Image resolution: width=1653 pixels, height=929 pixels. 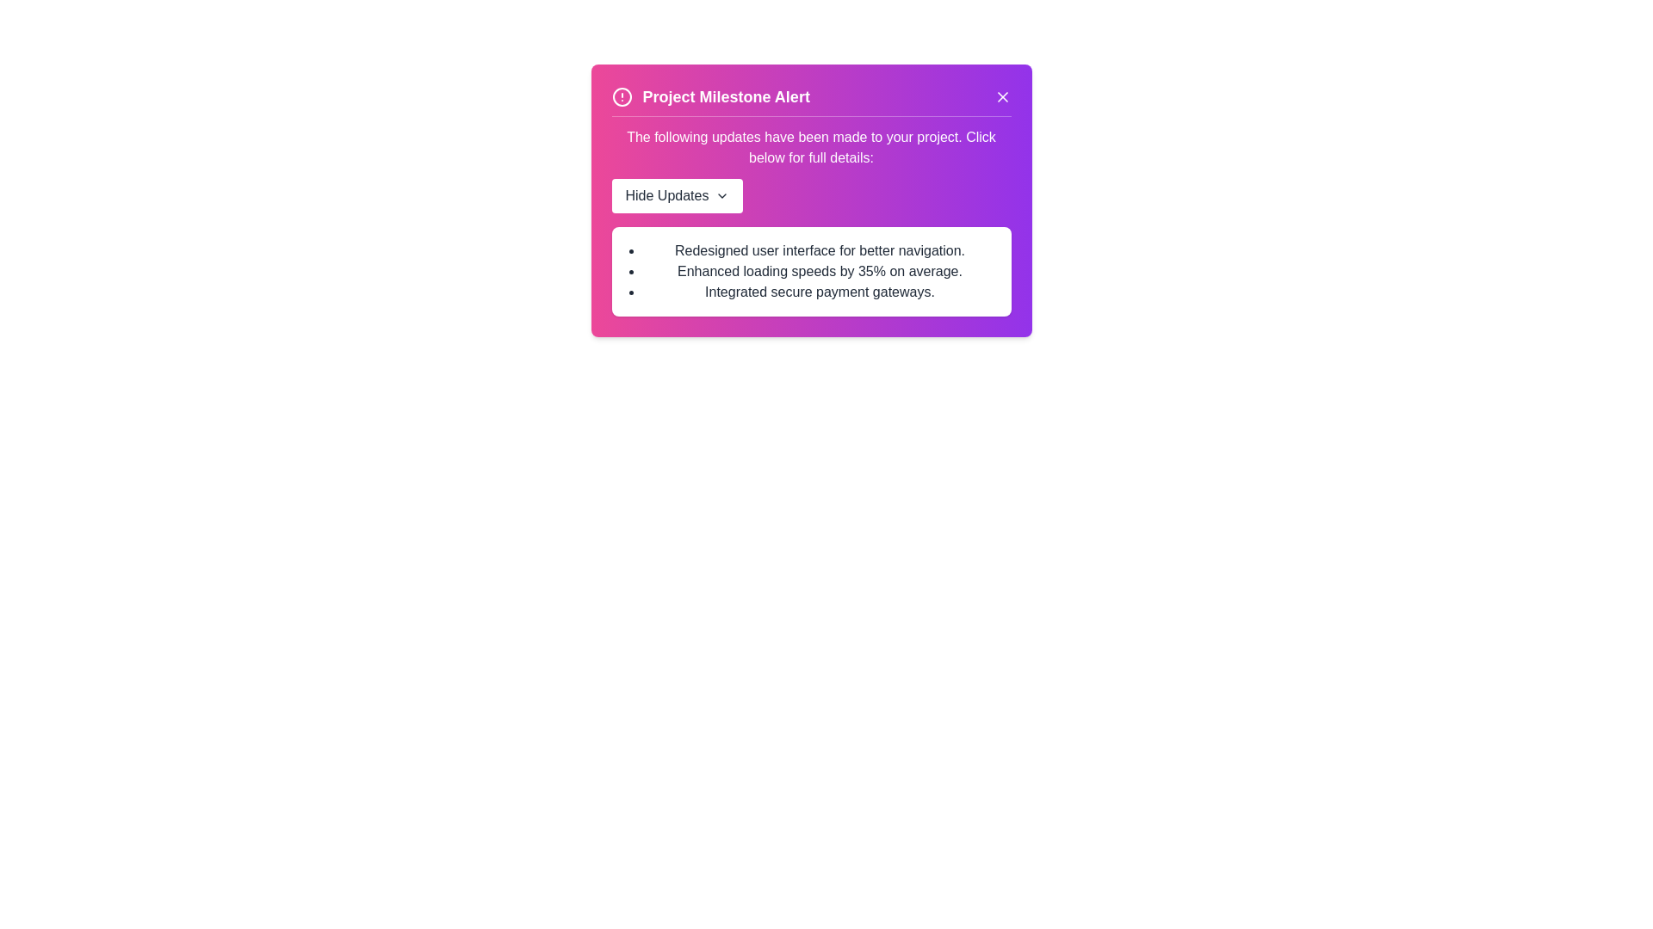 What do you see at coordinates (1002, 96) in the screenshot?
I see `the close button (X) to dismiss the alert` at bounding box center [1002, 96].